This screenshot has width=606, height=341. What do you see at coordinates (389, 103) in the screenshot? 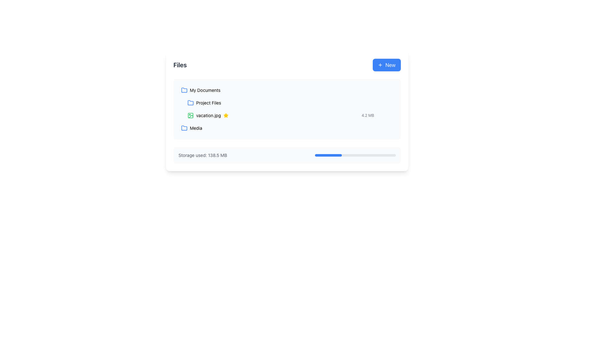
I see `the three vertically aligned dots ellipsis menu located in the rightmost part of the file list row, adjacent to the size information of 'vacation.jpg', to alter its styling` at bounding box center [389, 103].